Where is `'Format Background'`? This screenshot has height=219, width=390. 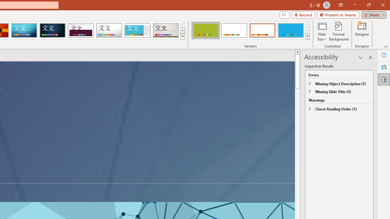 'Format Background' is located at coordinates (339, 31).